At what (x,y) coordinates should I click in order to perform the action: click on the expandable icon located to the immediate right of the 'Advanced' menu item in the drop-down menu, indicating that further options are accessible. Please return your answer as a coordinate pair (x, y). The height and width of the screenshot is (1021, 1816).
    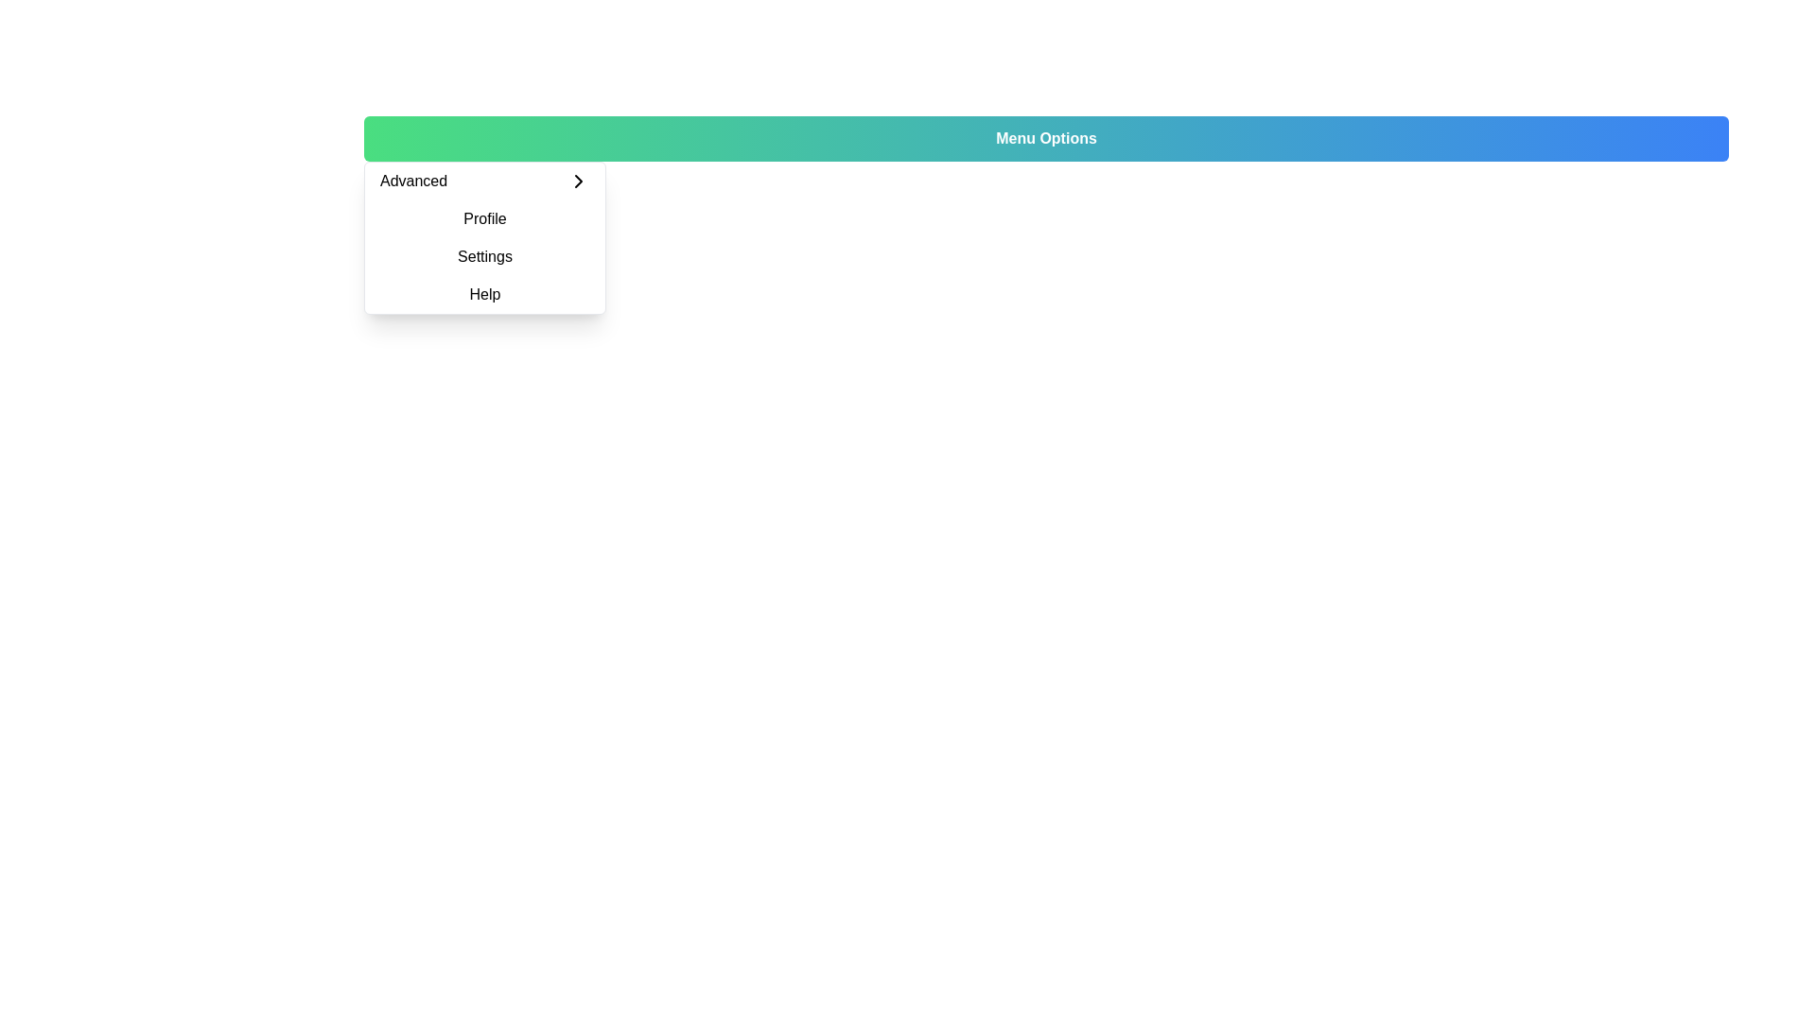
    Looking at the image, I should click on (577, 182).